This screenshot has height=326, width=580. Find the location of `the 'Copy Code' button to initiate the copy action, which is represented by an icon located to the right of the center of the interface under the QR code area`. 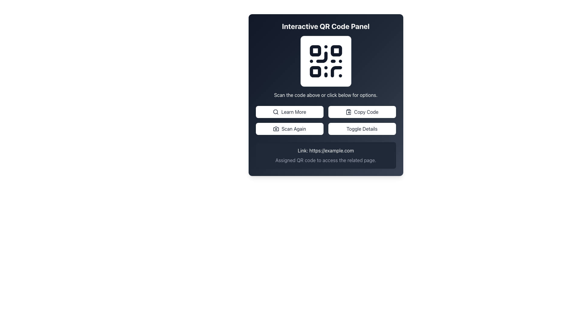

the 'Copy Code' button to initiate the copy action, which is represented by an icon located to the right of the center of the interface under the QR code area is located at coordinates (348, 112).